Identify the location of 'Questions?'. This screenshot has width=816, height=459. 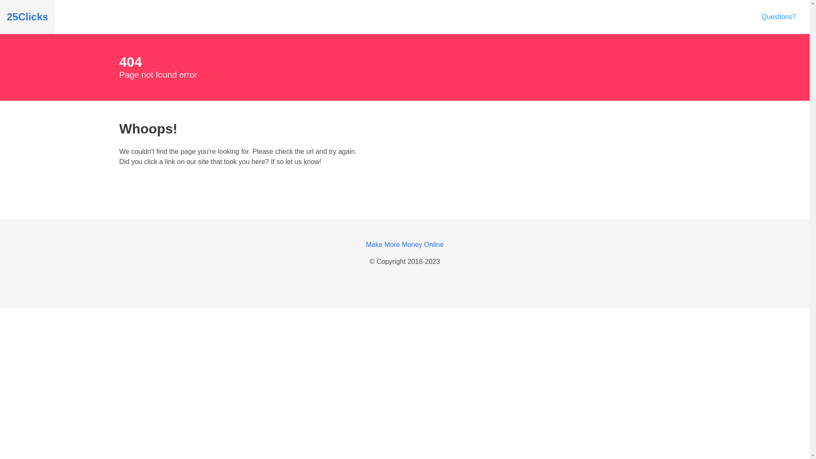
(779, 17).